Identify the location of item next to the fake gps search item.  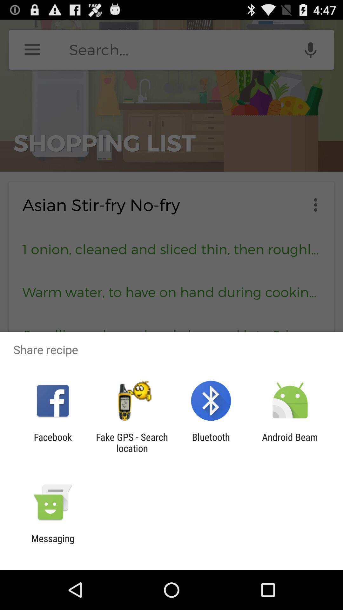
(211, 442).